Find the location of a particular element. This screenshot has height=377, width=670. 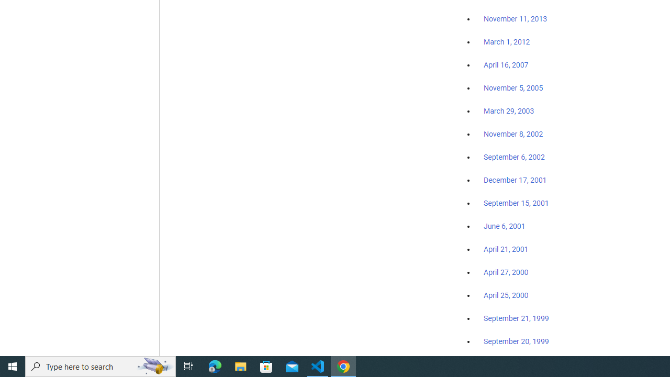

'November 5, 2005' is located at coordinates (513, 87).